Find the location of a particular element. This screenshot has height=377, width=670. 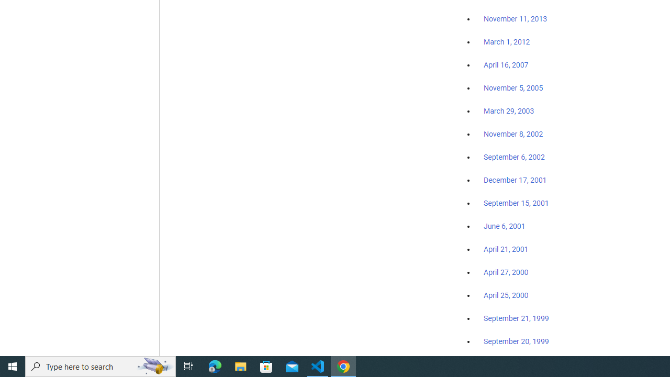

'November 5, 2005' is located at coordinates (513, 87).